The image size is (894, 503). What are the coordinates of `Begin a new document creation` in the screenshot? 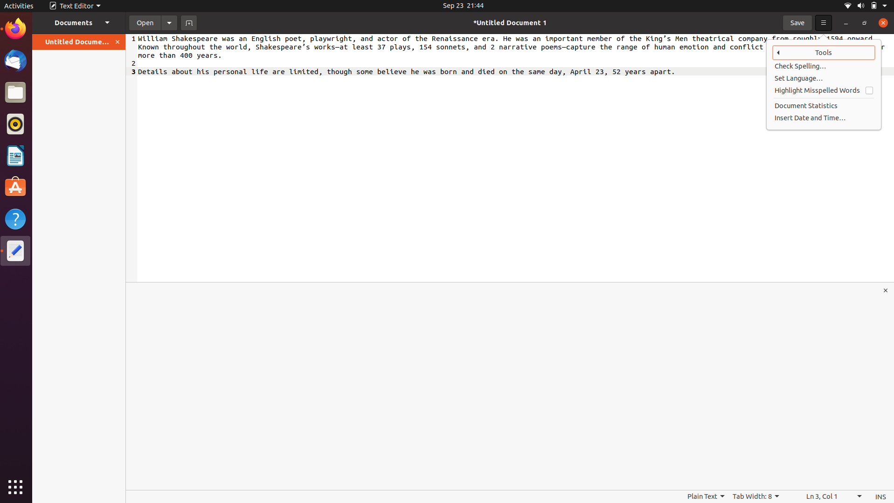 It's located at (188, 22).